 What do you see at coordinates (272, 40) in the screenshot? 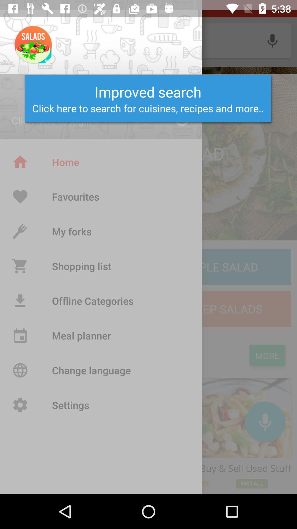
I see `the microphone icon` at bounding box center [272, 40].